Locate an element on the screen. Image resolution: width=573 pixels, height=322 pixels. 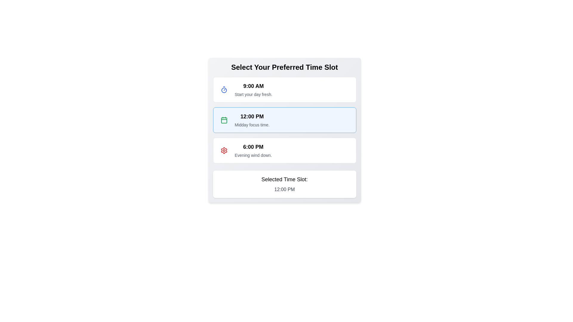
the static text label indicating 'Selected Time Slot:' which is positioned above the time value '12:00 PM' is located at coordinates (284, 179).